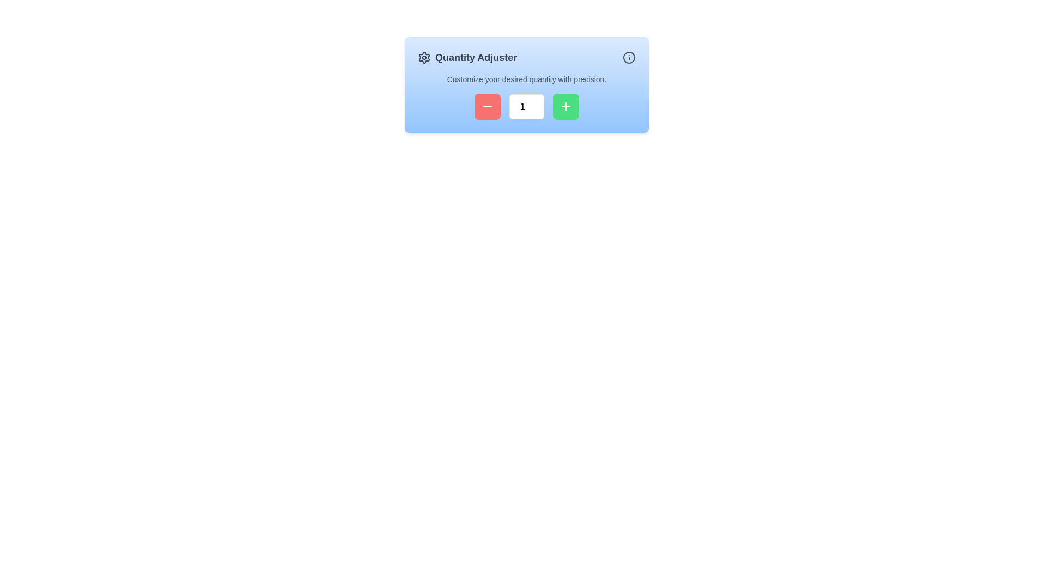 The width and height of the screenshot is (1046, 588). Describe the element at coordinates (565, 107) in the screenshot. I see `the green button with a white plus sign symbol at its center to increment a value` at that location.